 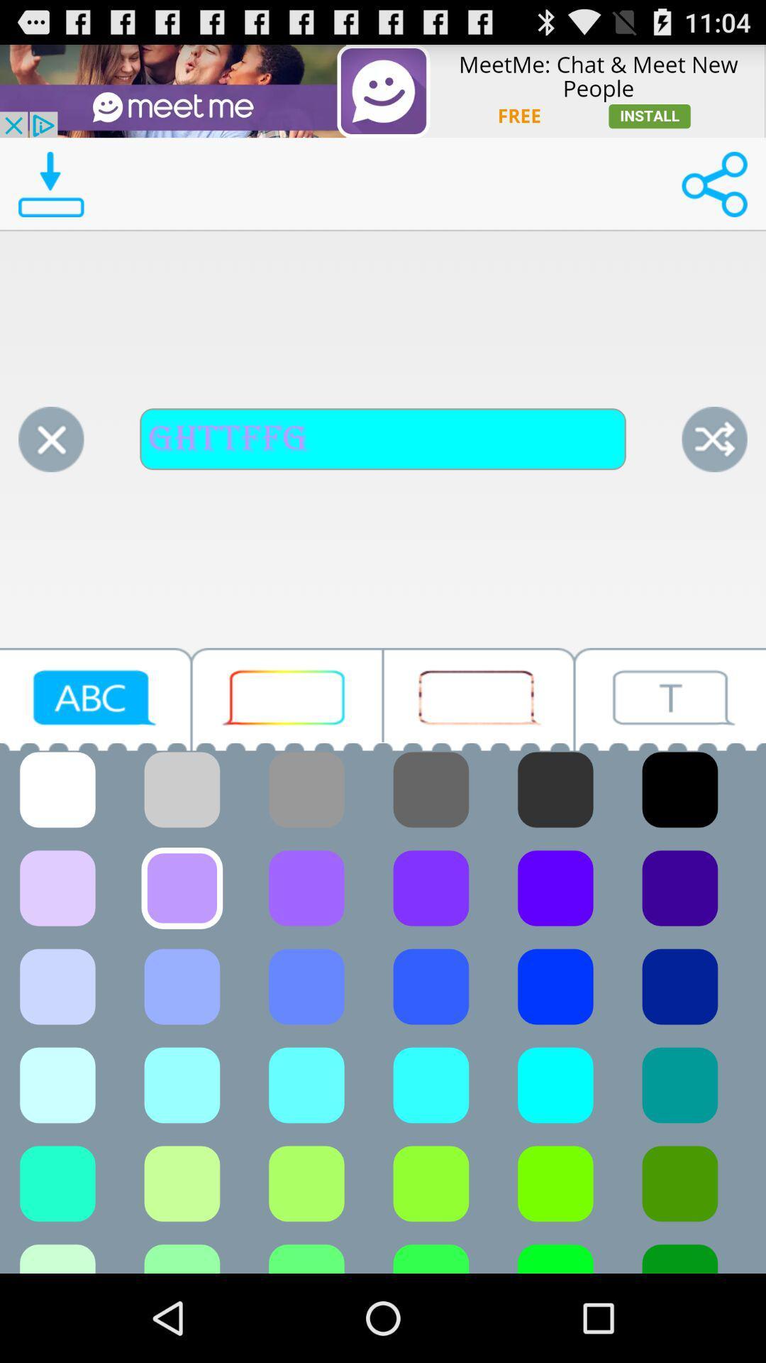 I want to click on open advertisement, so click(x=383, y=90).